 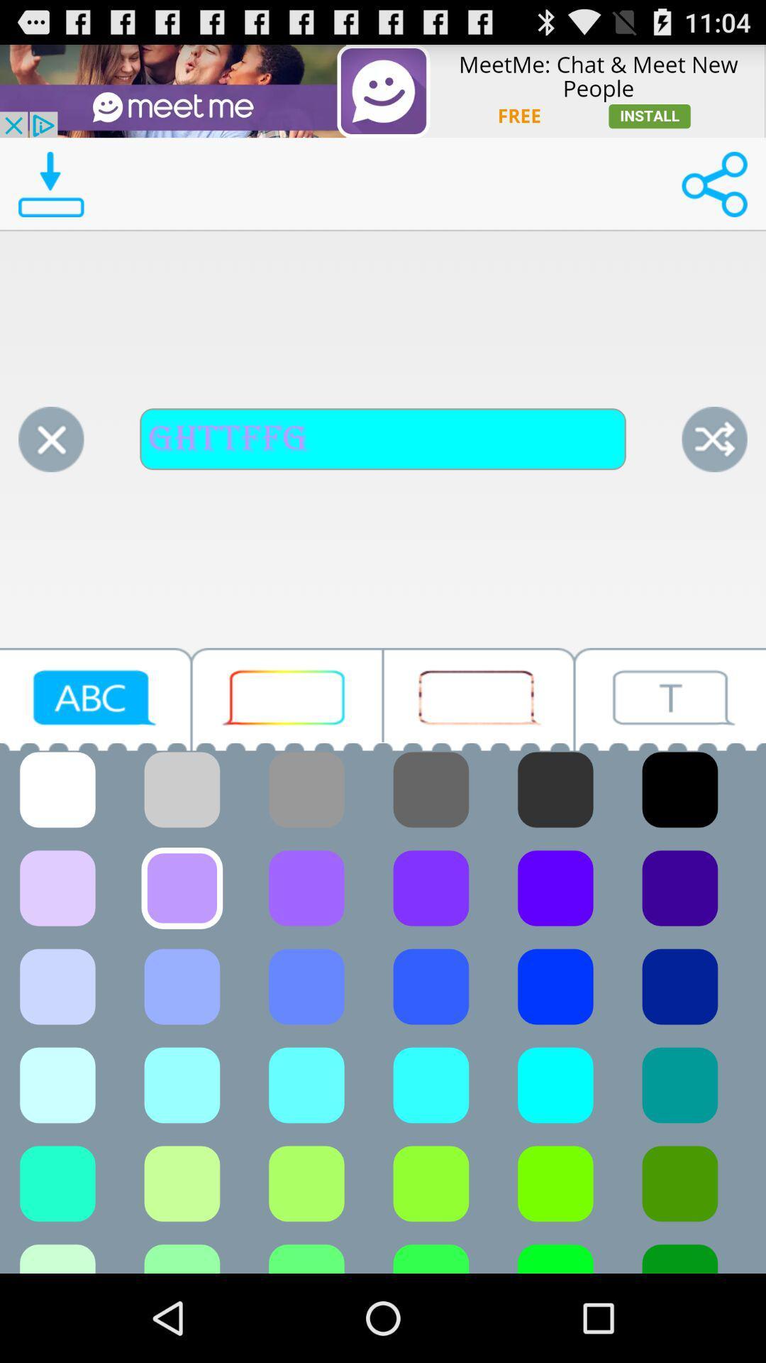 I want to click on open advertisement, so click(x=383, y=90).